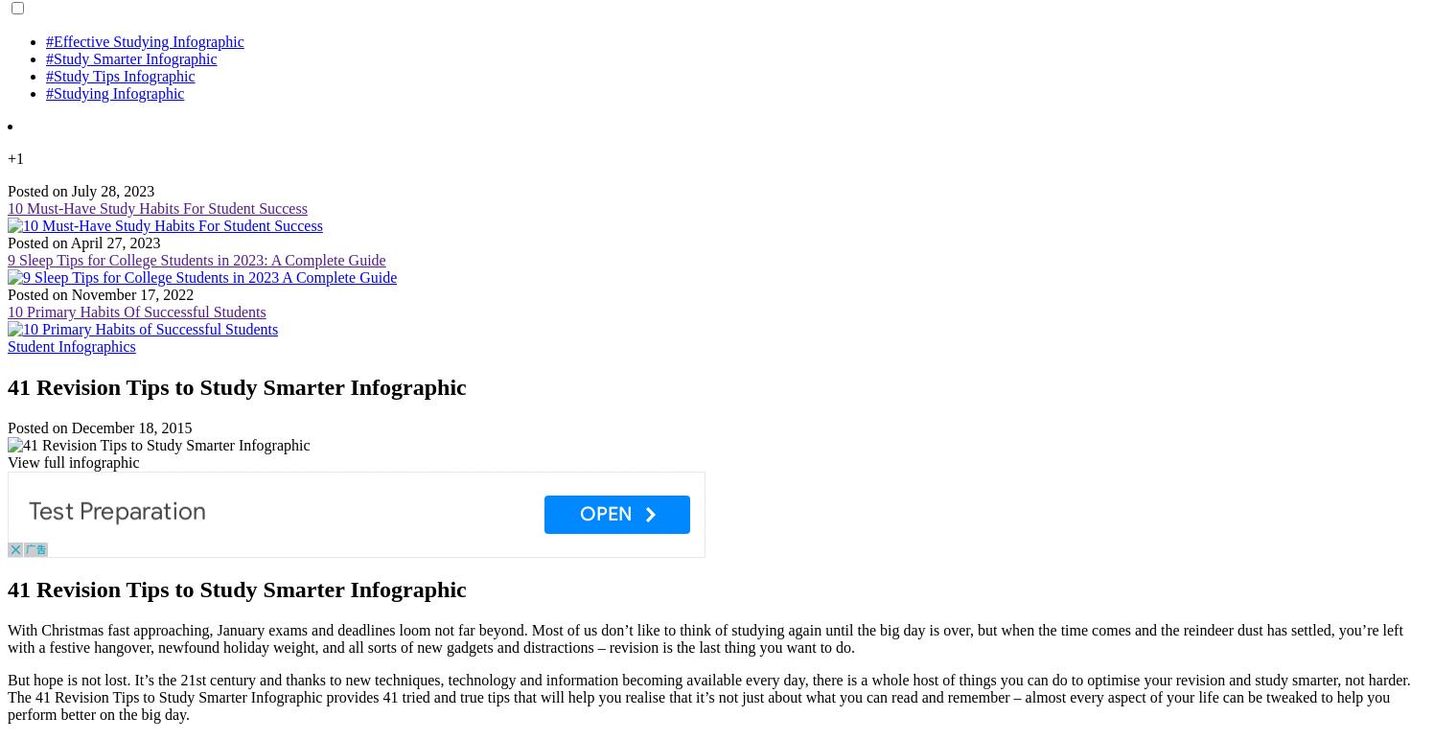  I want to click on '#Studying Infographic', so click(114, 92).